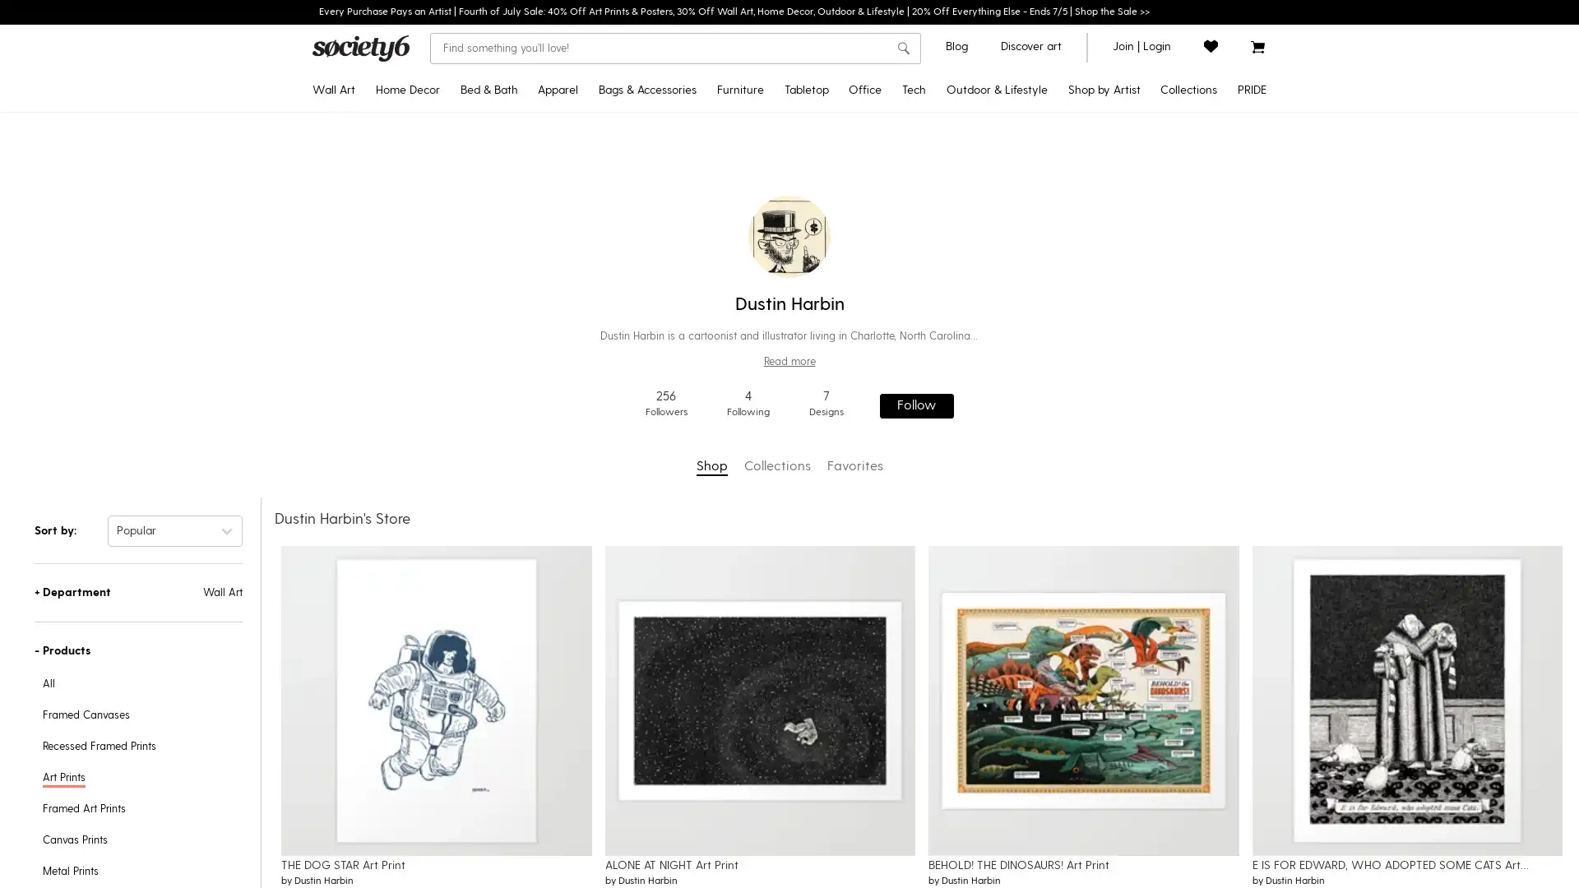  What do you see at coordinates (864, 90) in the screenshot?
I see `Office` at bounding box center [864, 90].